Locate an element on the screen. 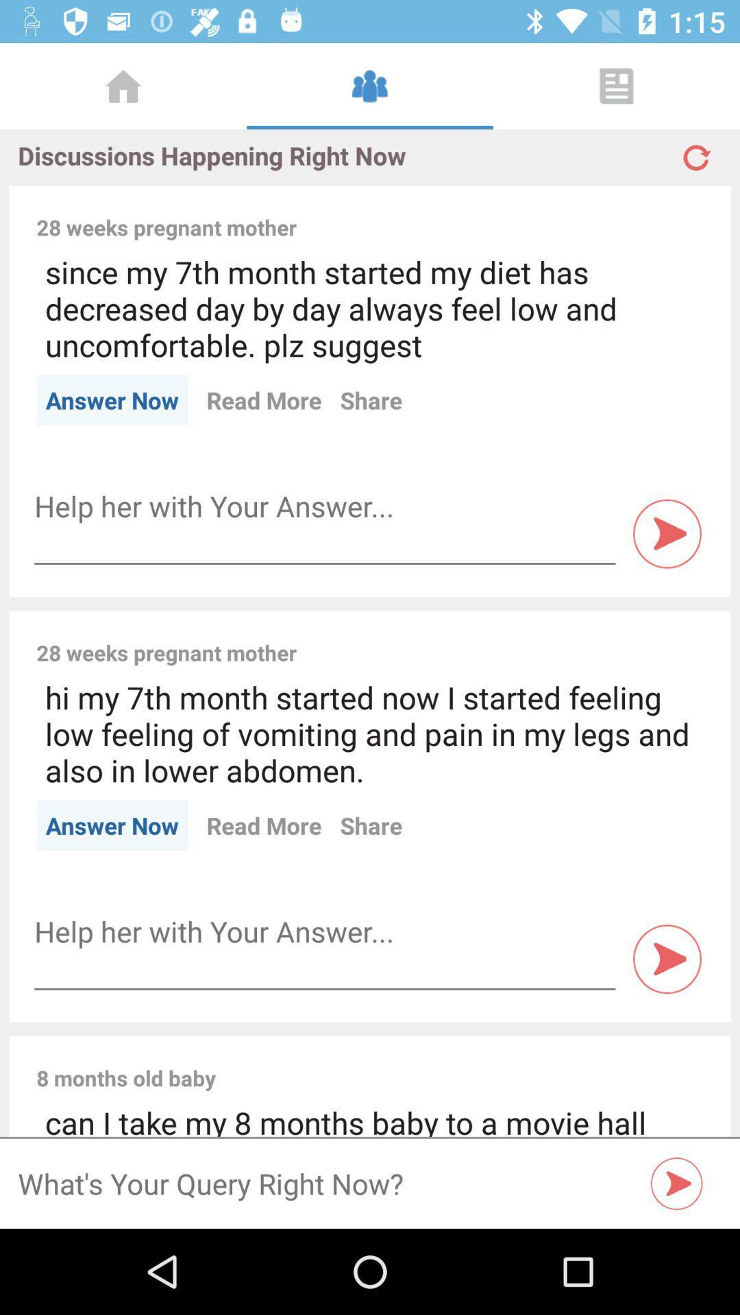 Image resolution: width=740 pixels, height=1315 pixels. tap to answer is located at coordinates (667, 958).